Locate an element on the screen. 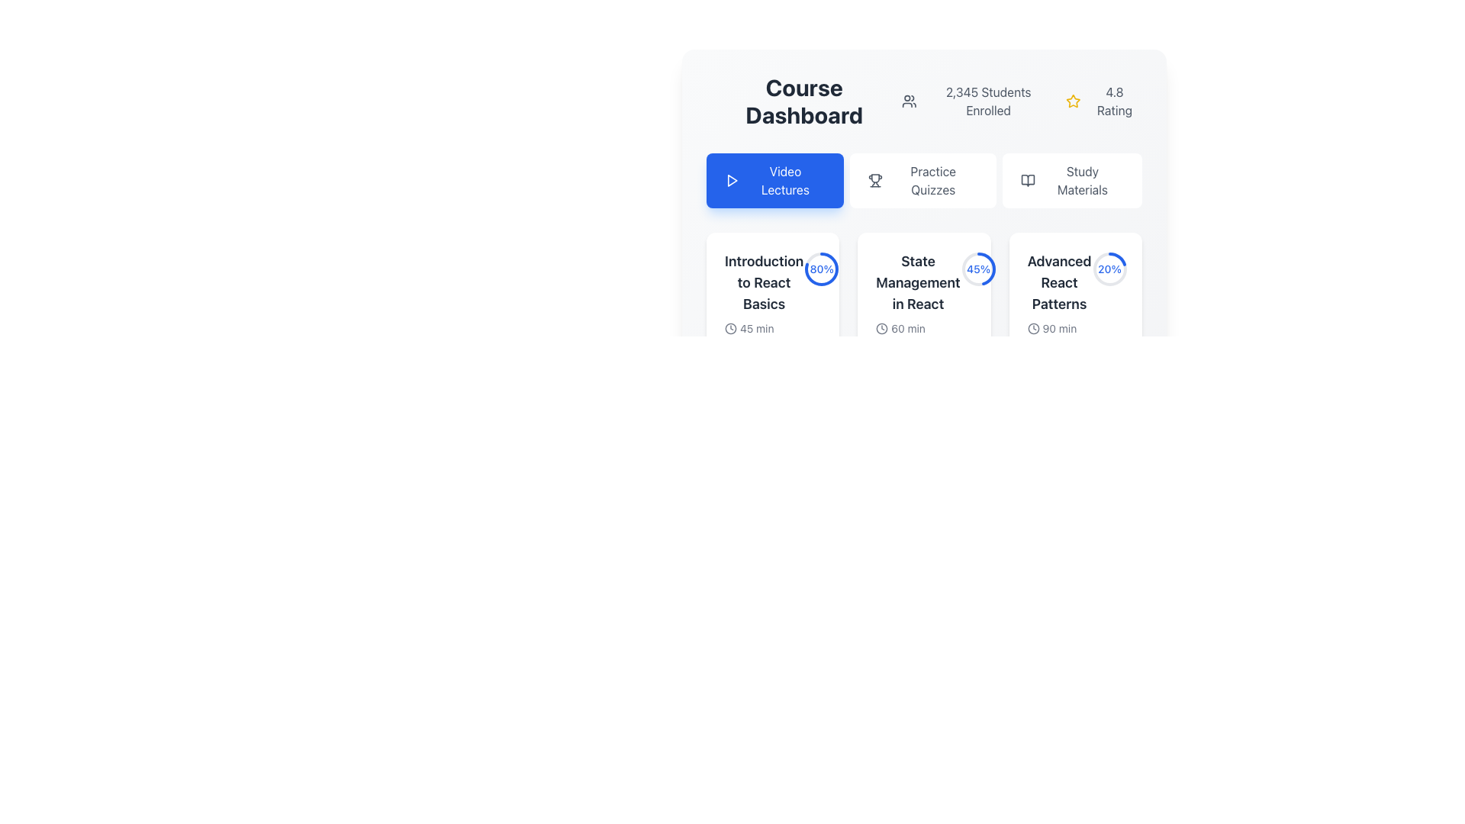  the play icon located within the 'Video Lectures' button, which has a blue background and is the first button in a horizontal row is located at coordinates (731, 179).